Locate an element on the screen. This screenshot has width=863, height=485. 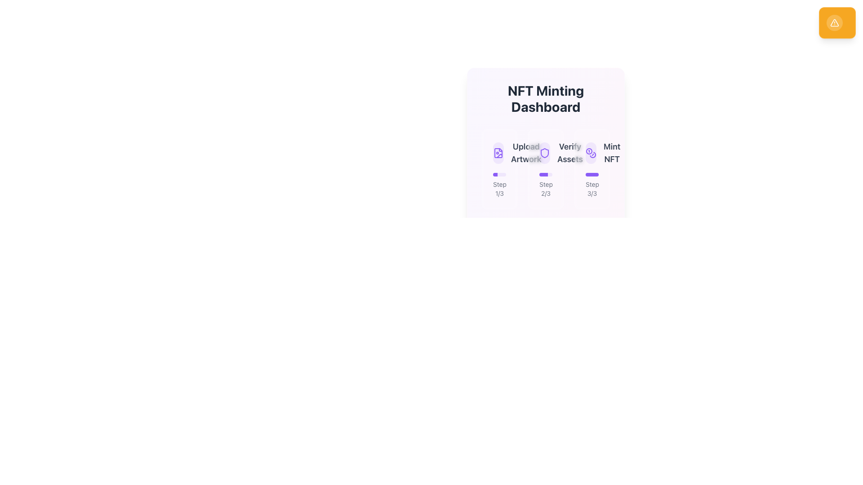
the 'Upload Artwork' icon located on the leftmost side of the step indicator above the labels 'Upload Artwork' and 'Step 1/3' in the 'NFT Minting Dashboard' section is located at coordinates (498, 152).